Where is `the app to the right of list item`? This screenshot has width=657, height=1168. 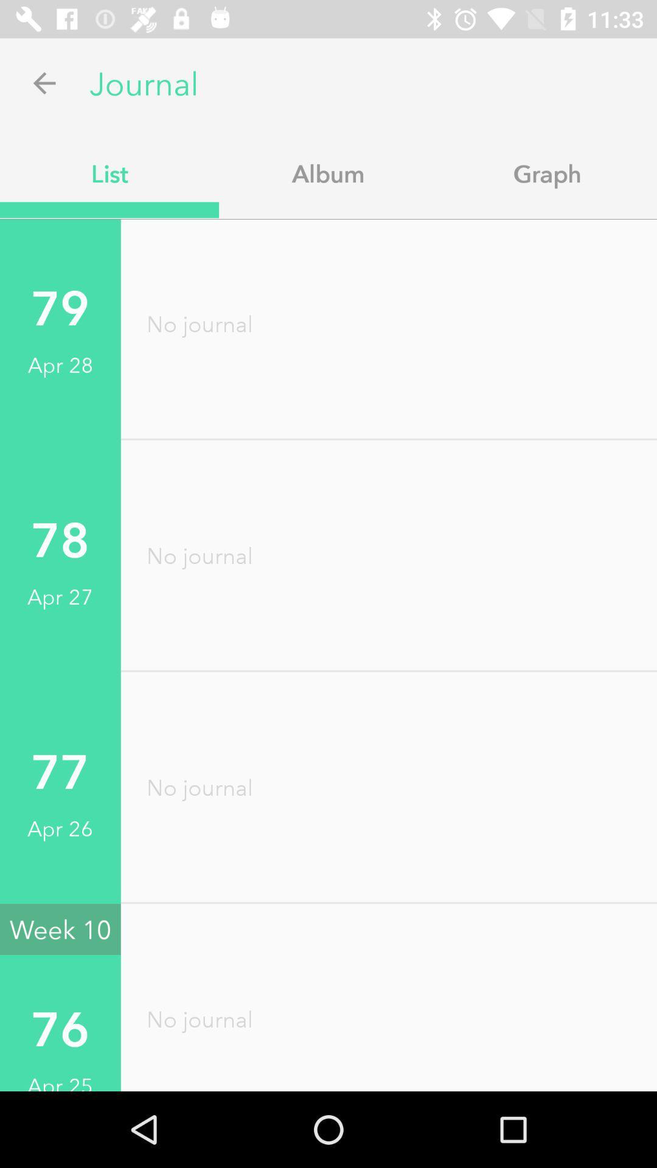 the app to the right of list item is located at coordinates (328, 173).